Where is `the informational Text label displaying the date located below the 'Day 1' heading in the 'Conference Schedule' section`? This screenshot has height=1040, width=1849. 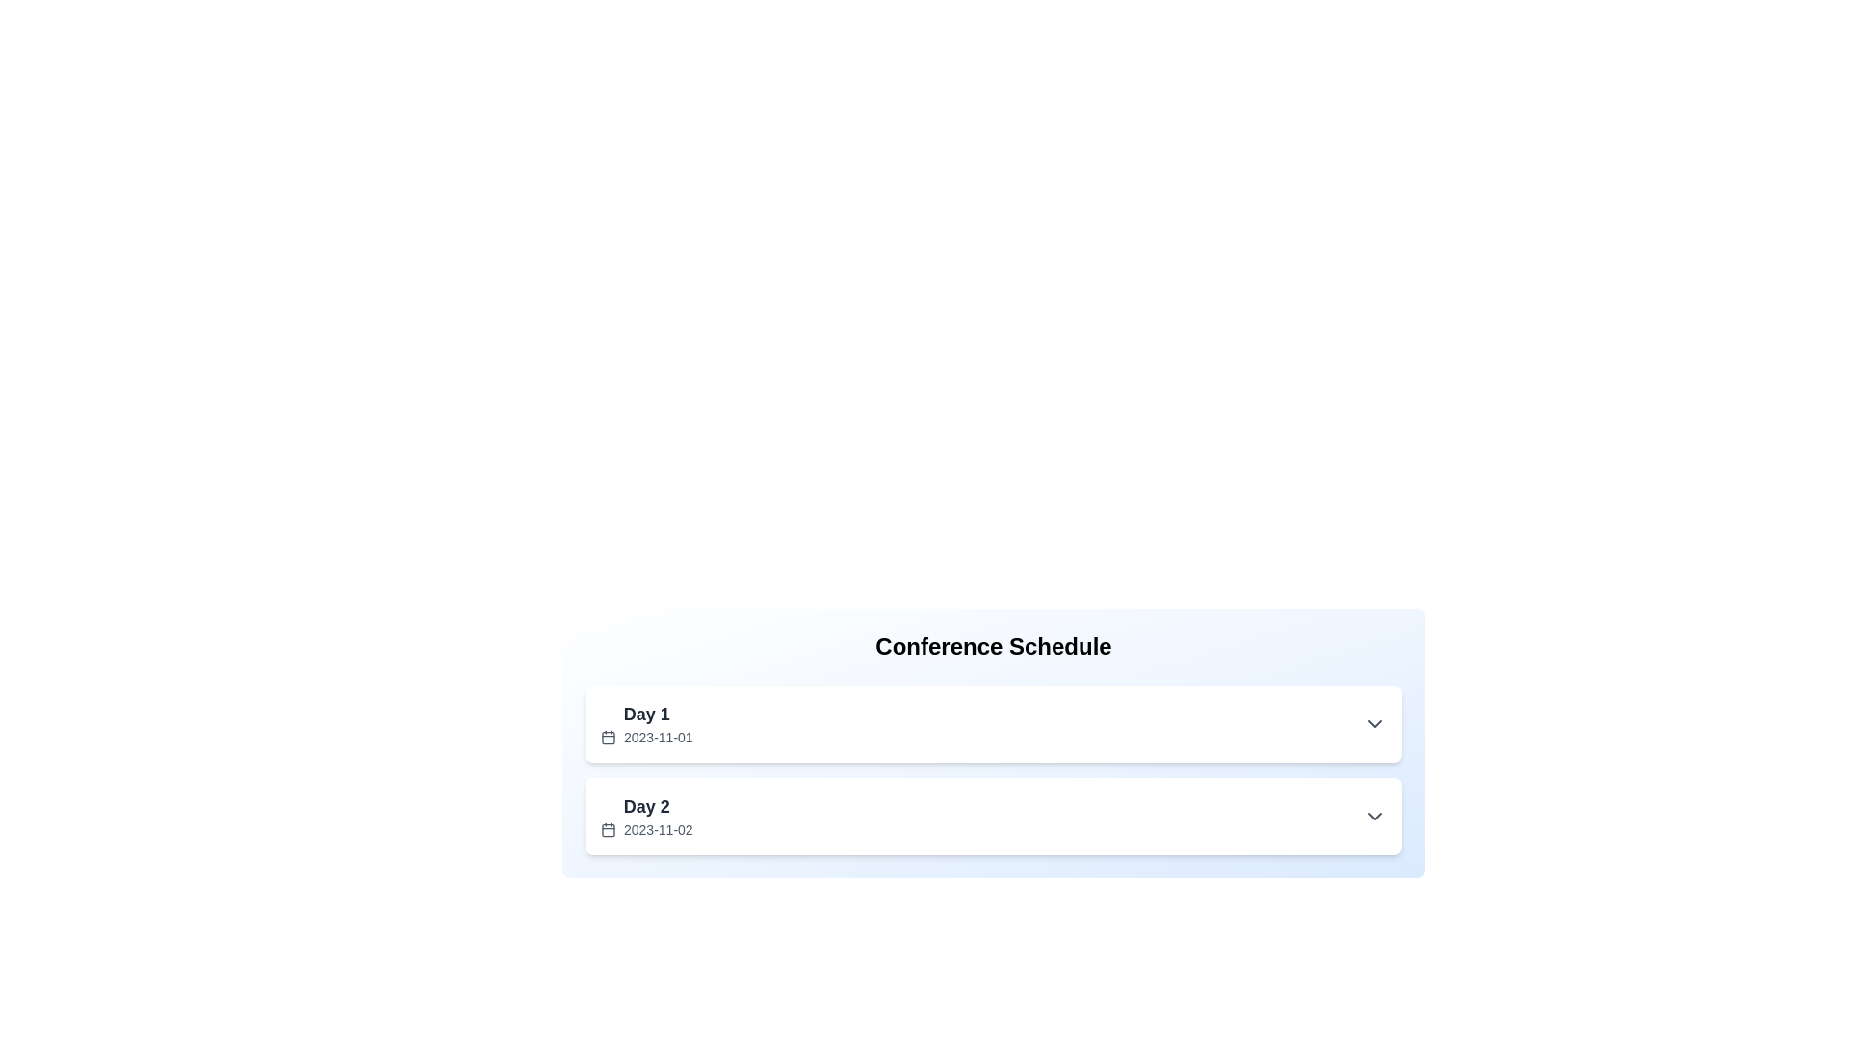 the informational Text label displaying the date located below the 'Day 1' heading in the 'Conference Schedule' section is located at coordinates (646, 737).